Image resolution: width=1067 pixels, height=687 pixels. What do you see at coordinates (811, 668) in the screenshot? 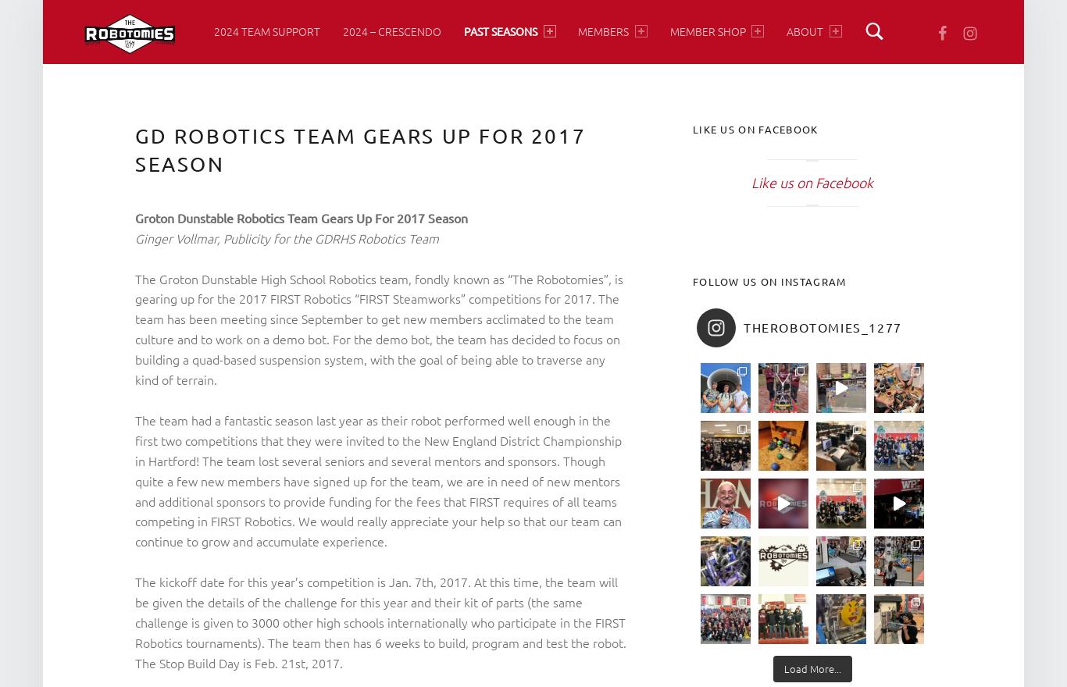
I see `'Load More...'` at bounding box center [811, 668].